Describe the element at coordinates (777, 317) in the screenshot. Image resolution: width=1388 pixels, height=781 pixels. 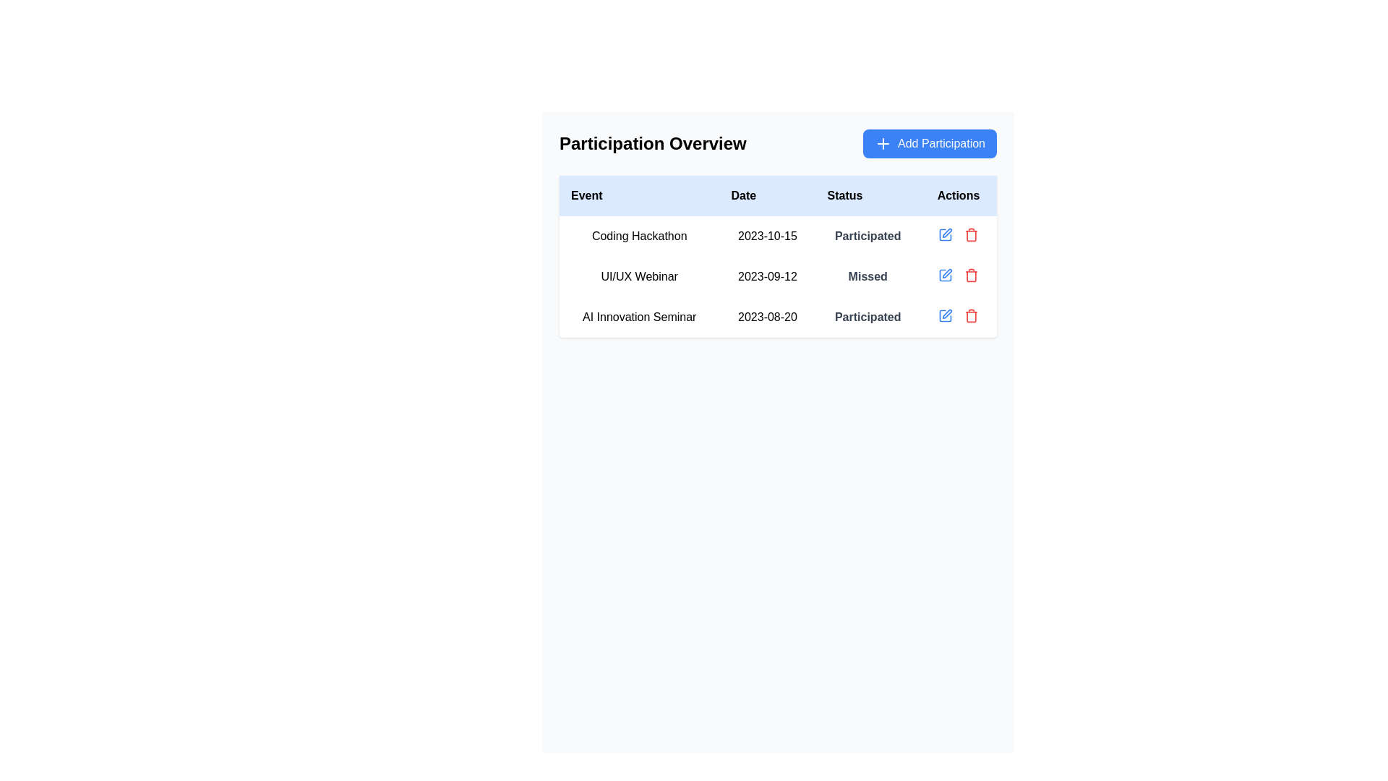
I see `the third row of the 'Participation Overview' table, which is located below the 'UI/UX Webinar' row, to interact with the edit or delete icons` at that location.